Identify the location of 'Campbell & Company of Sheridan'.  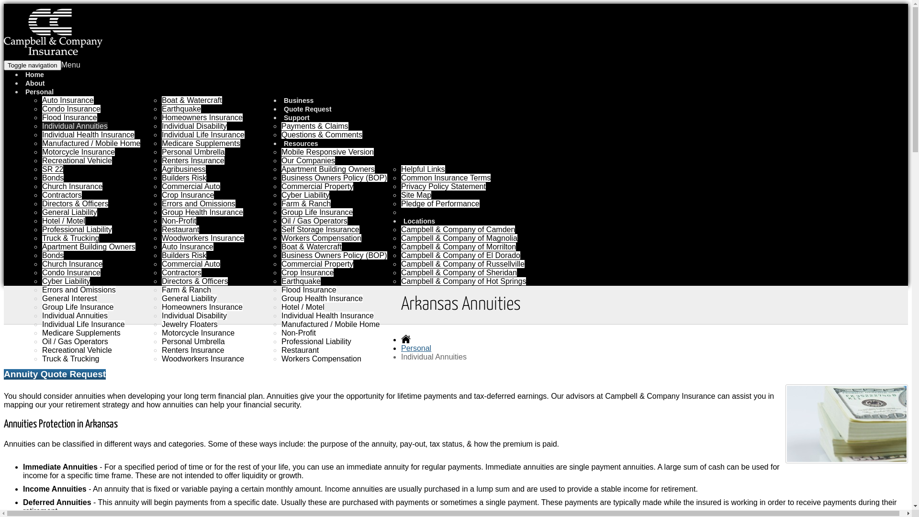
(459, 272).